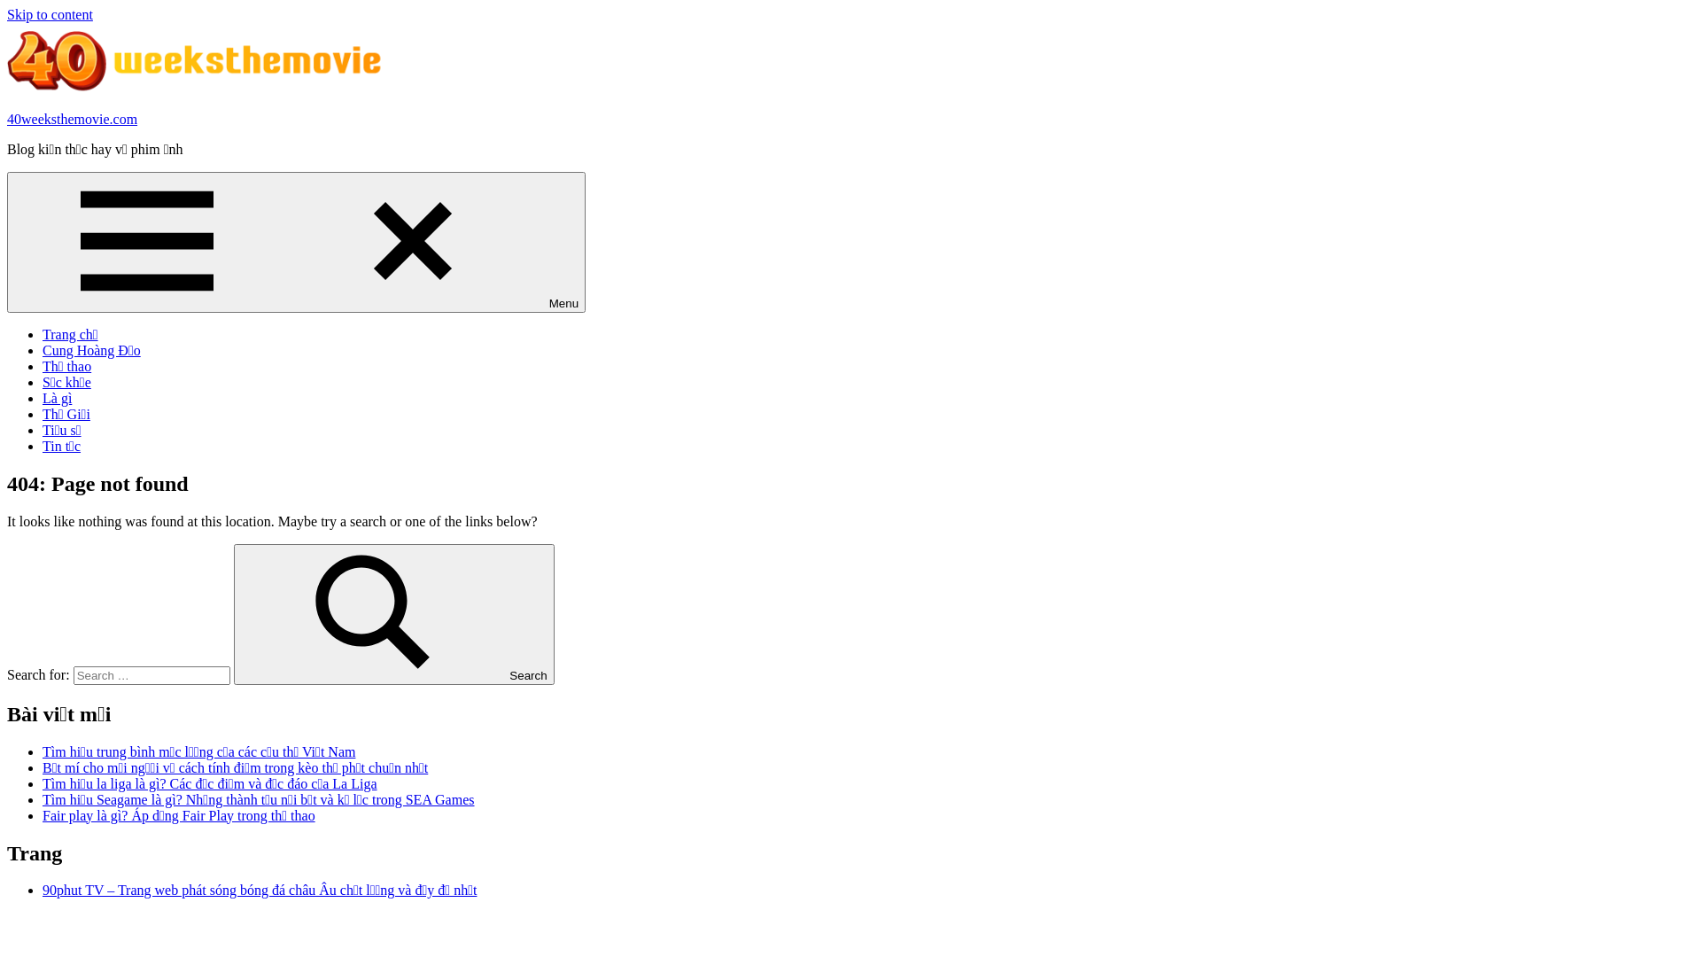 Image resolution: width=1701 pixels, height=957 pixels. I want to click on '40weeksthemovie.com', so click(71, 119).